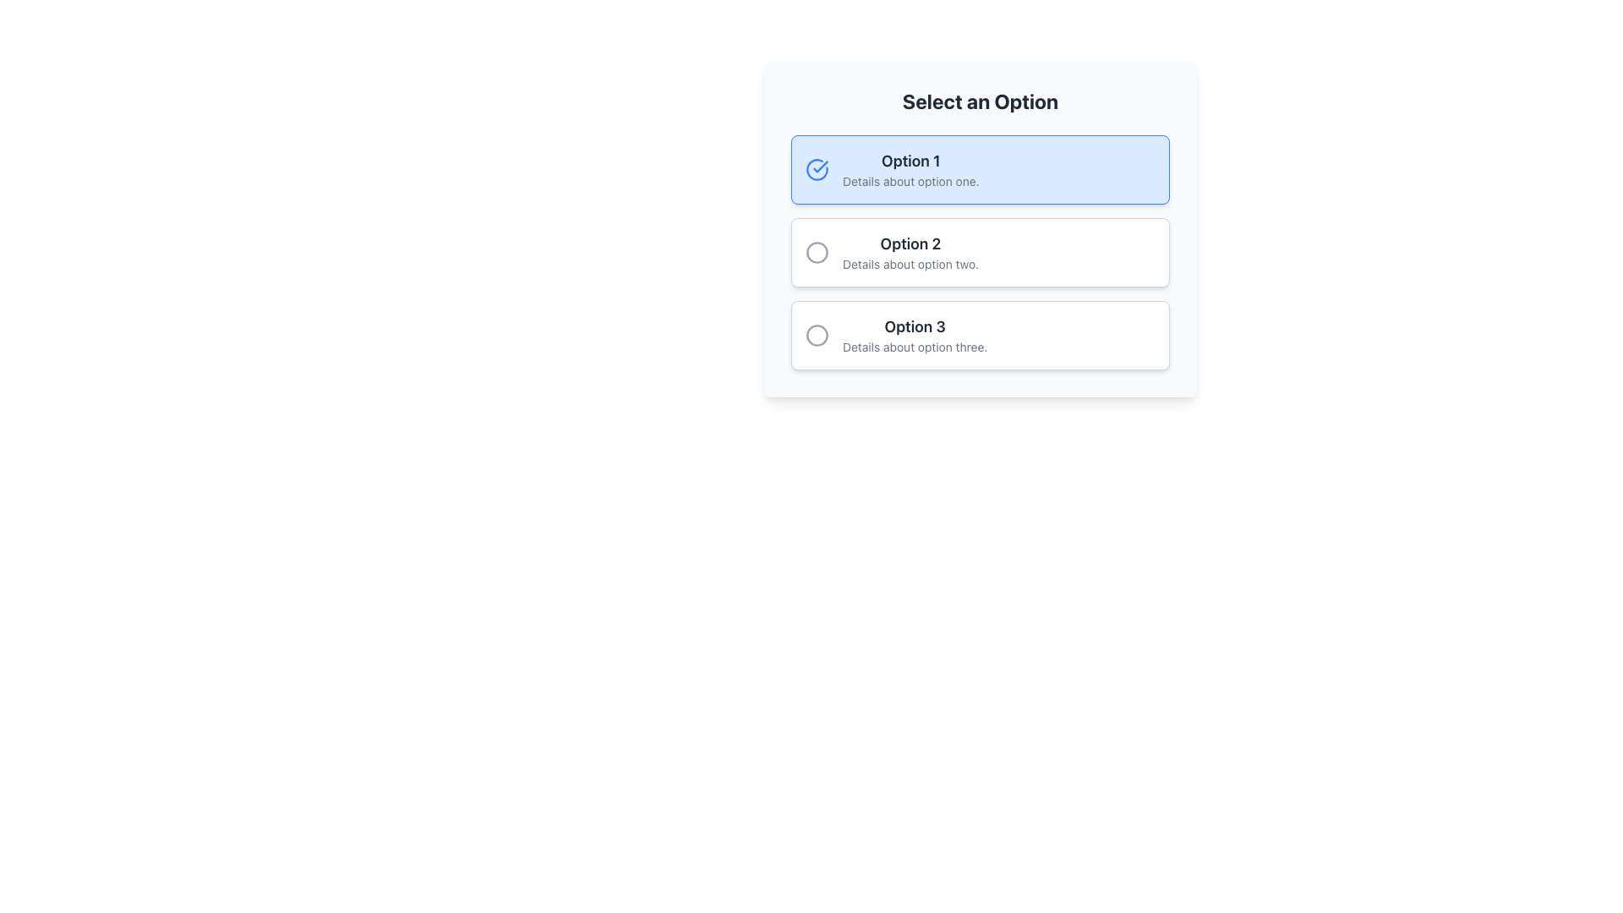 The height and width of the screenshot is (913, 1623). I want to click on the third selectable list item displaying 'Option 3' with details about it, so click(914, 336).